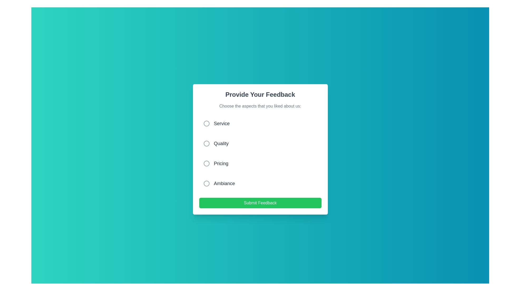 This screenshot has width=506, height=284. Describe the element at coordinates (260, 163) in the screenshot. I see `the aspect row corresponding to Pricing` at that location.